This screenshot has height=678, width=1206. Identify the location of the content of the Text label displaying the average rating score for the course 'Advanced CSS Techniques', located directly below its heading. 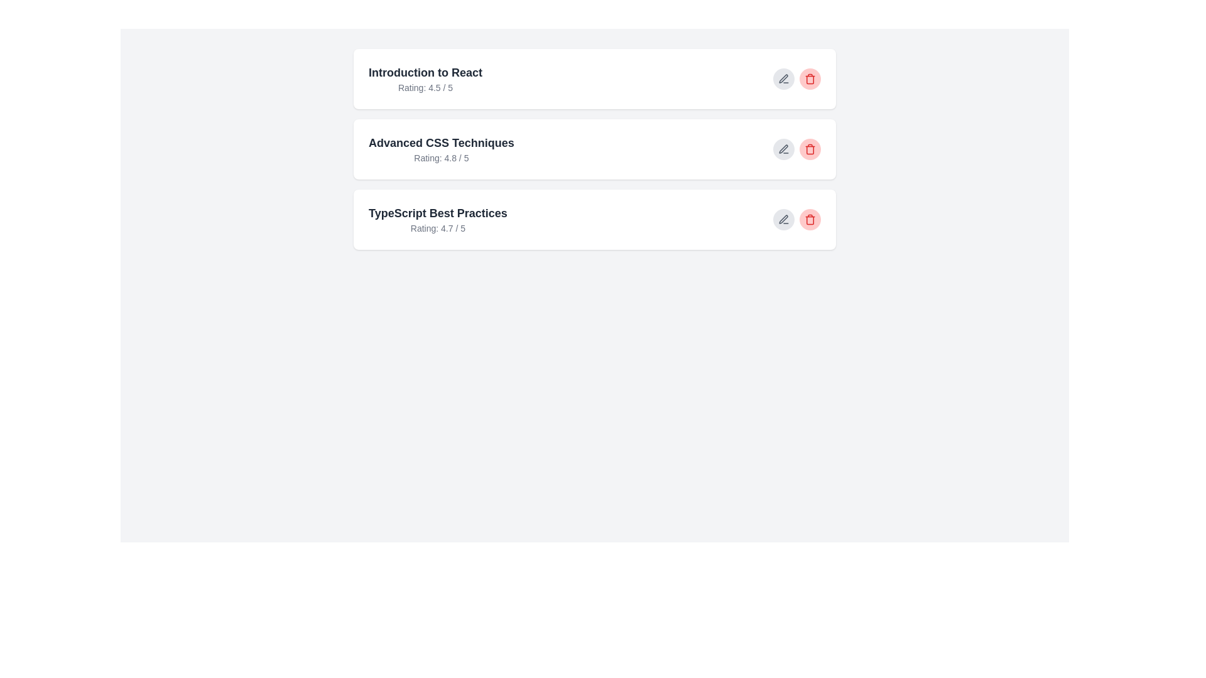
(441, 157).